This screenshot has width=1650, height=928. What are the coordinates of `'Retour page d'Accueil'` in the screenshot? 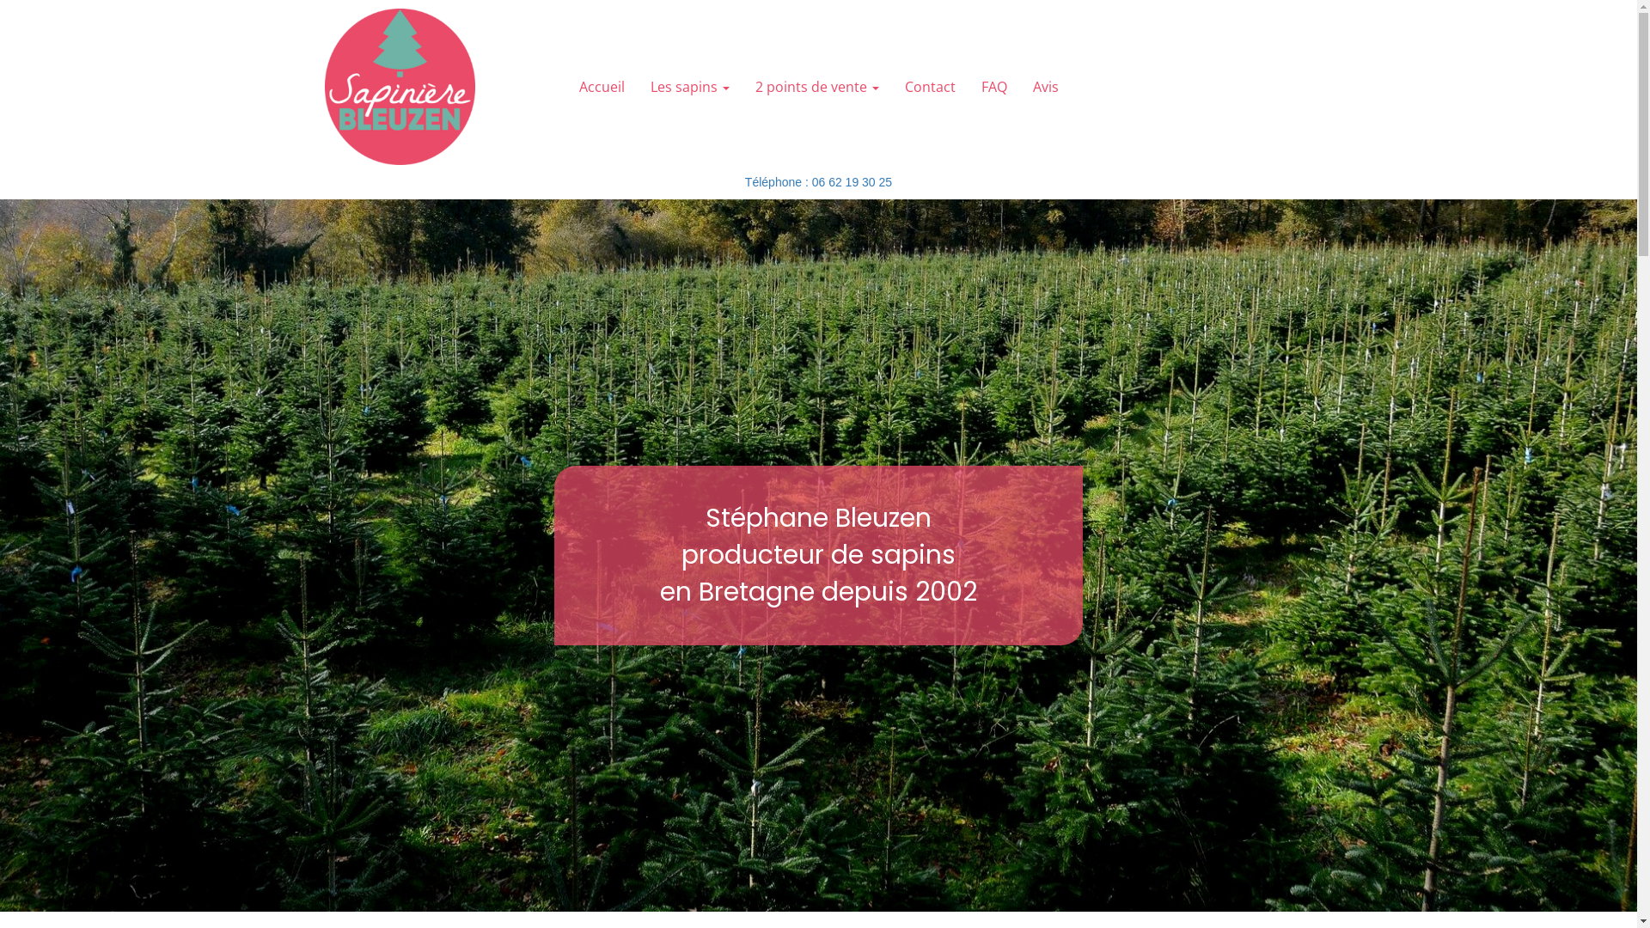 It's located at (399, 86).